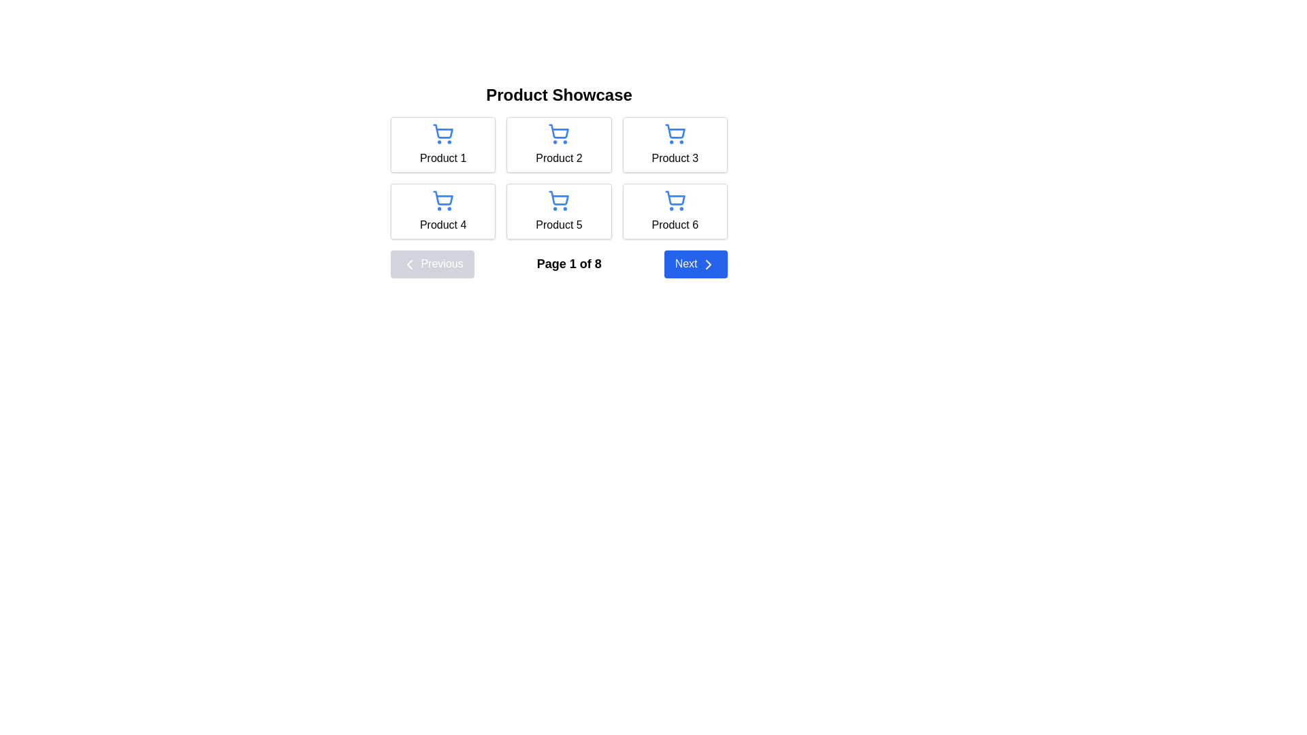 The width and height of the screenshot is (1307, 735). I want to click on the blue shopping cart icon located at the top of the product card labeled 'Product 6', so click(675, 200).